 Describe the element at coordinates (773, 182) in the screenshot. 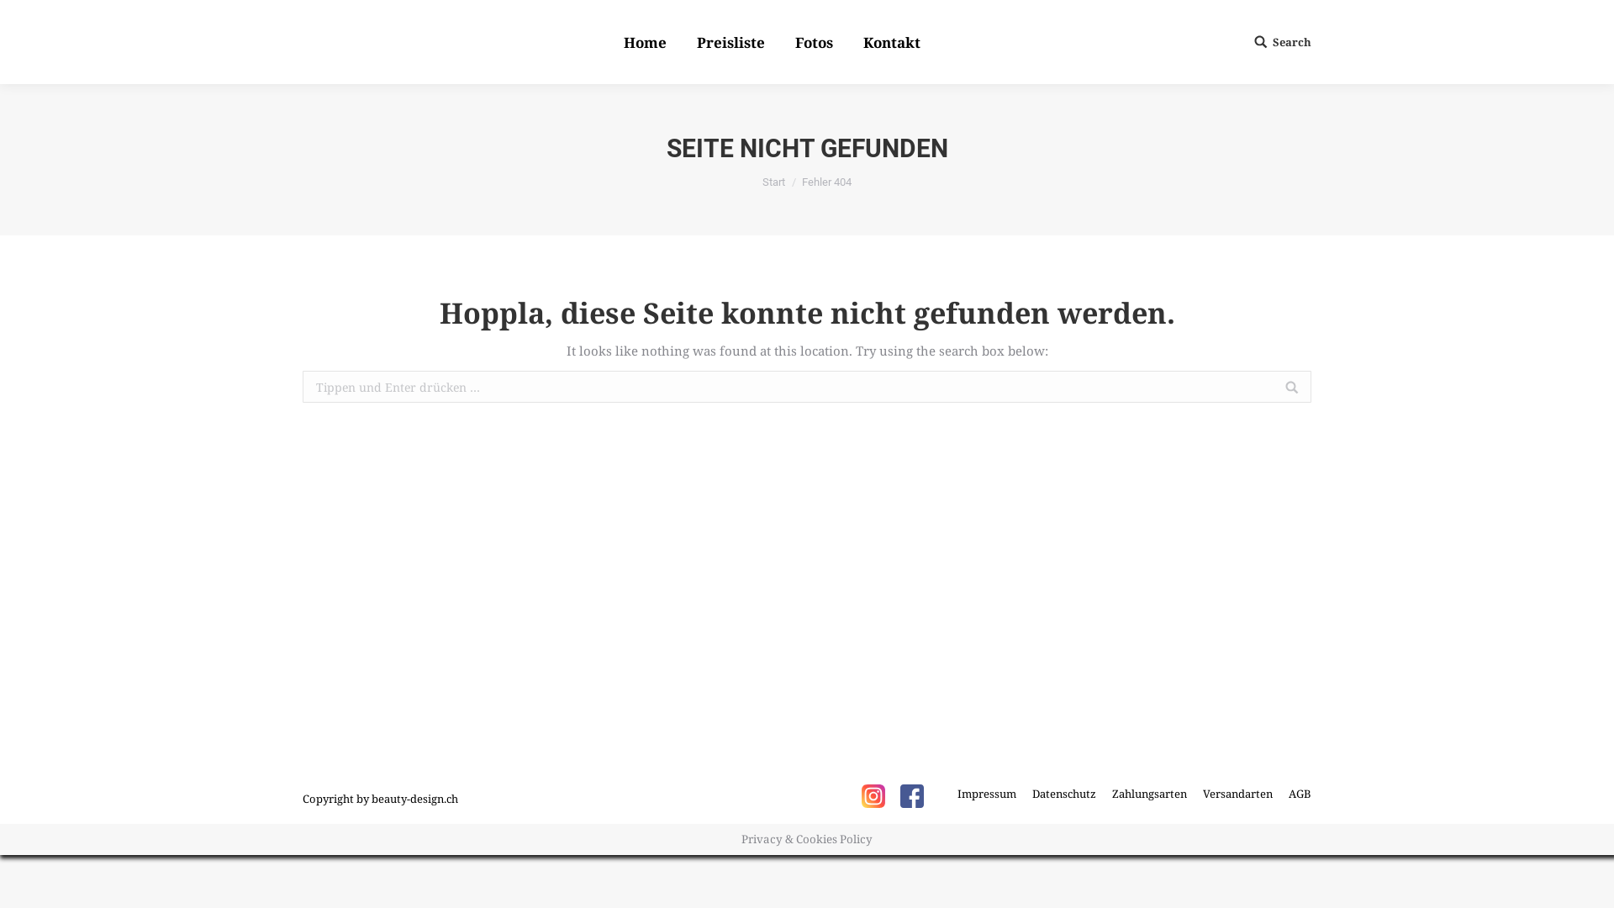

I see `'Start'` at that location.